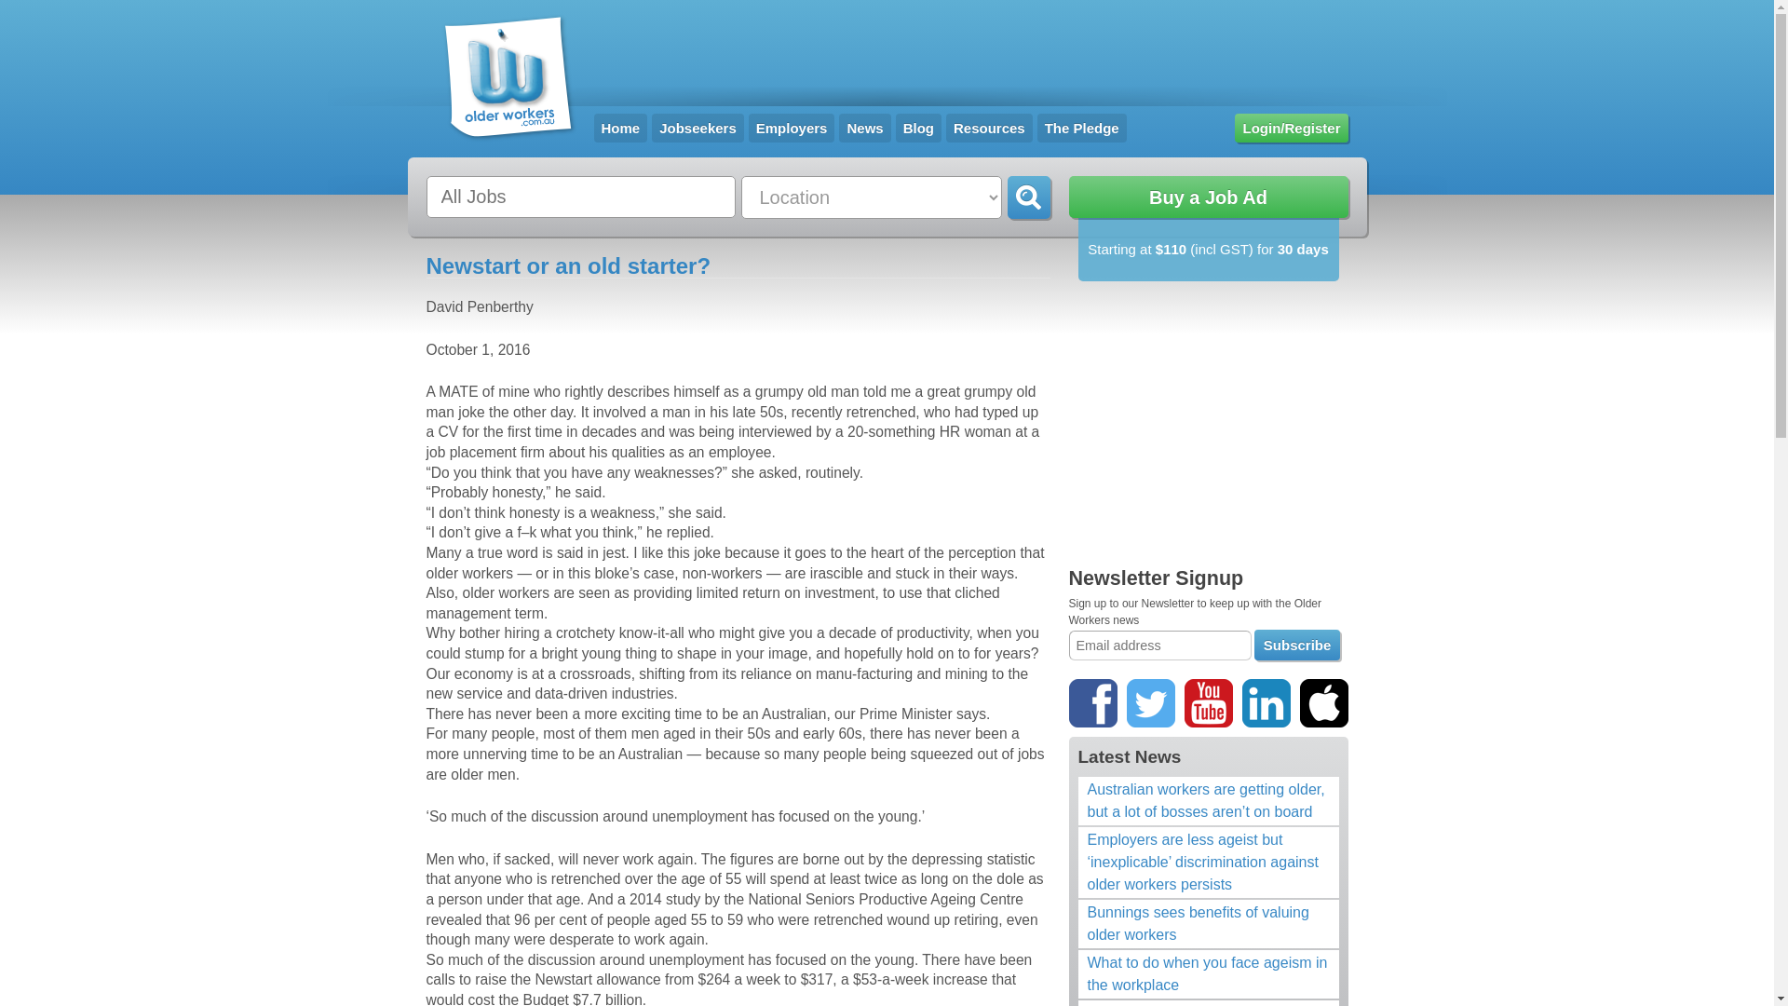 This screenshot has width=1788, height=1006. What do you see at coordinates (946, 127) in the screenshot?
I see `'Resources'` at bounding box center [946, 127].